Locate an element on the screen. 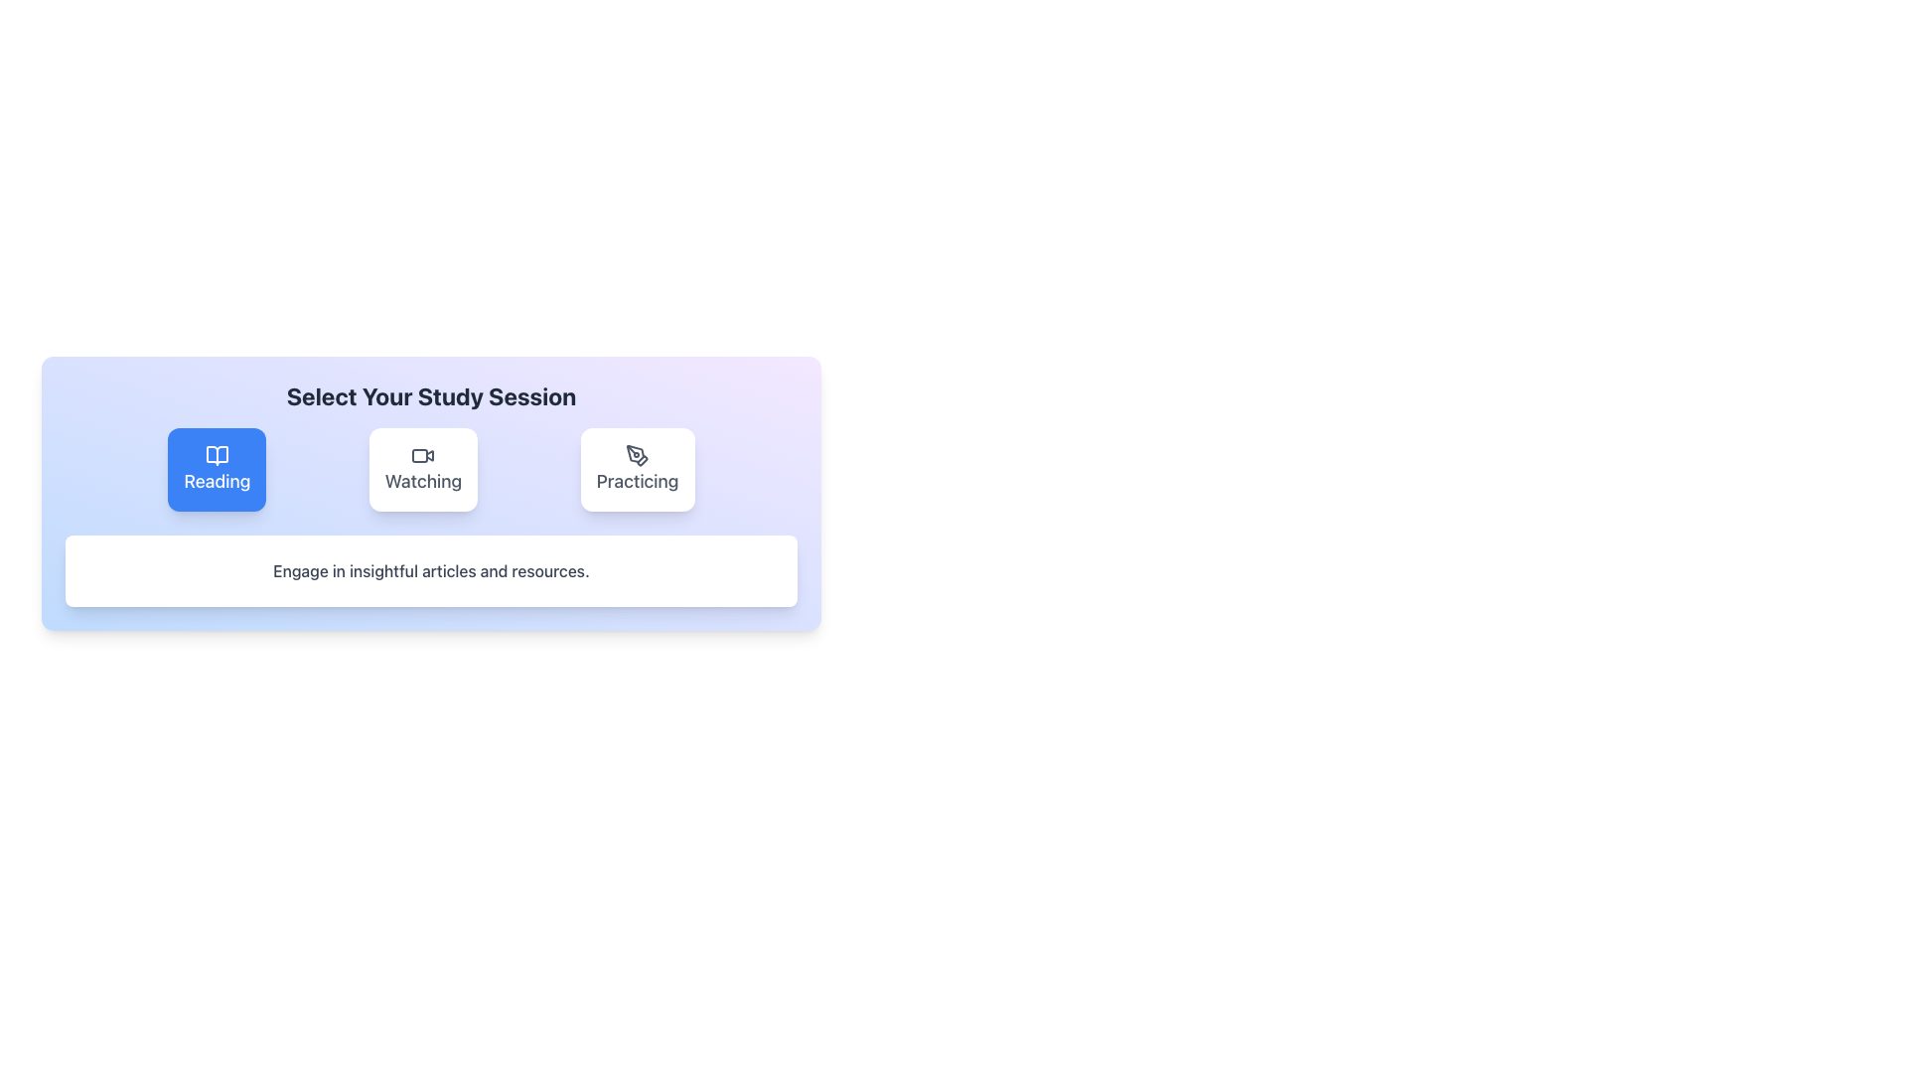  the open book SVG icon representing the 'Reading' option in the navigation panel, which is the leftmost icon among three menu options is located at coordinates (217, 456).